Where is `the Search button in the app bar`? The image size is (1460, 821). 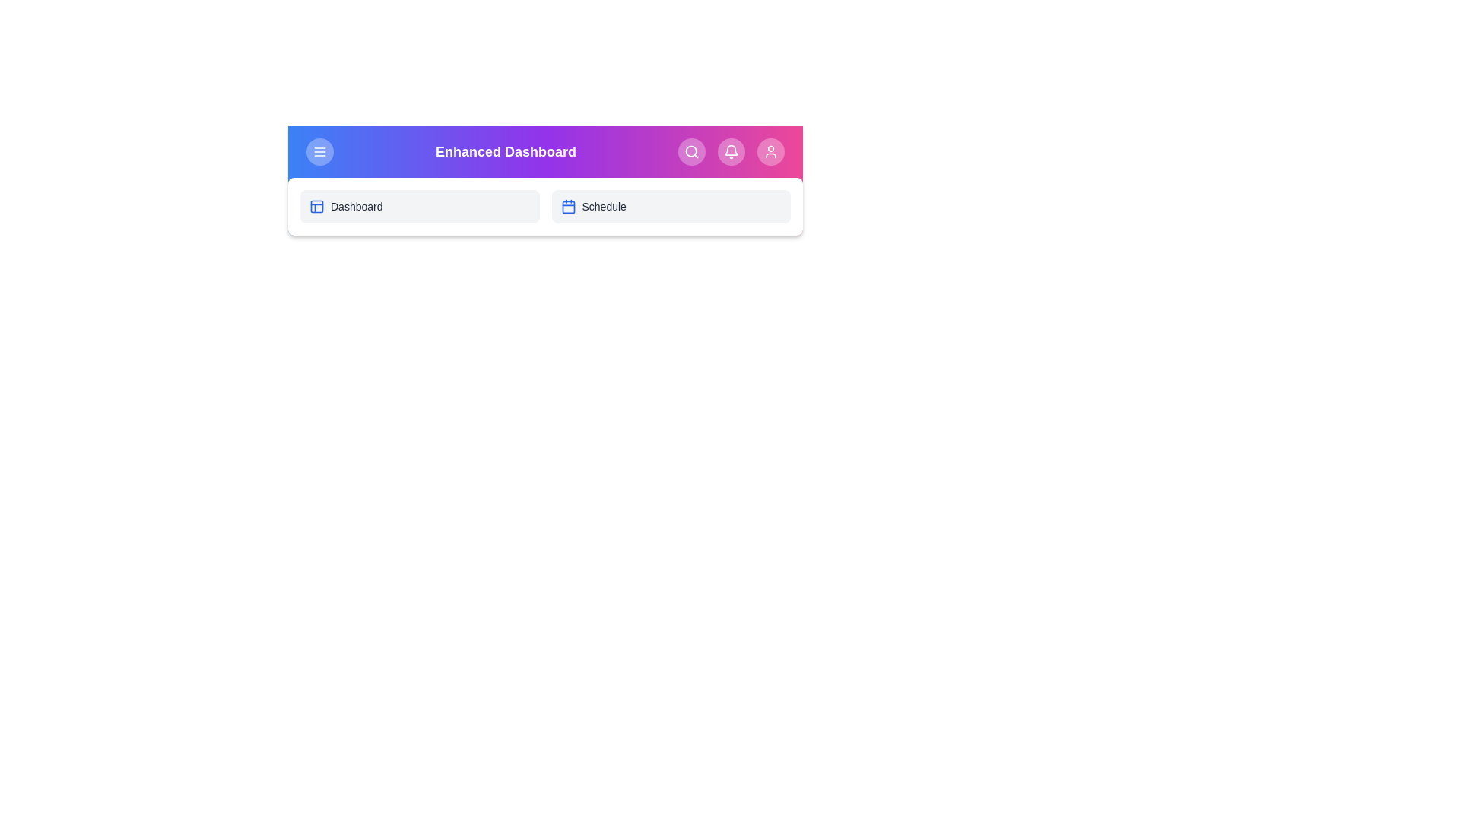
the Search button in the app bar is located at coordinates (690, 152).